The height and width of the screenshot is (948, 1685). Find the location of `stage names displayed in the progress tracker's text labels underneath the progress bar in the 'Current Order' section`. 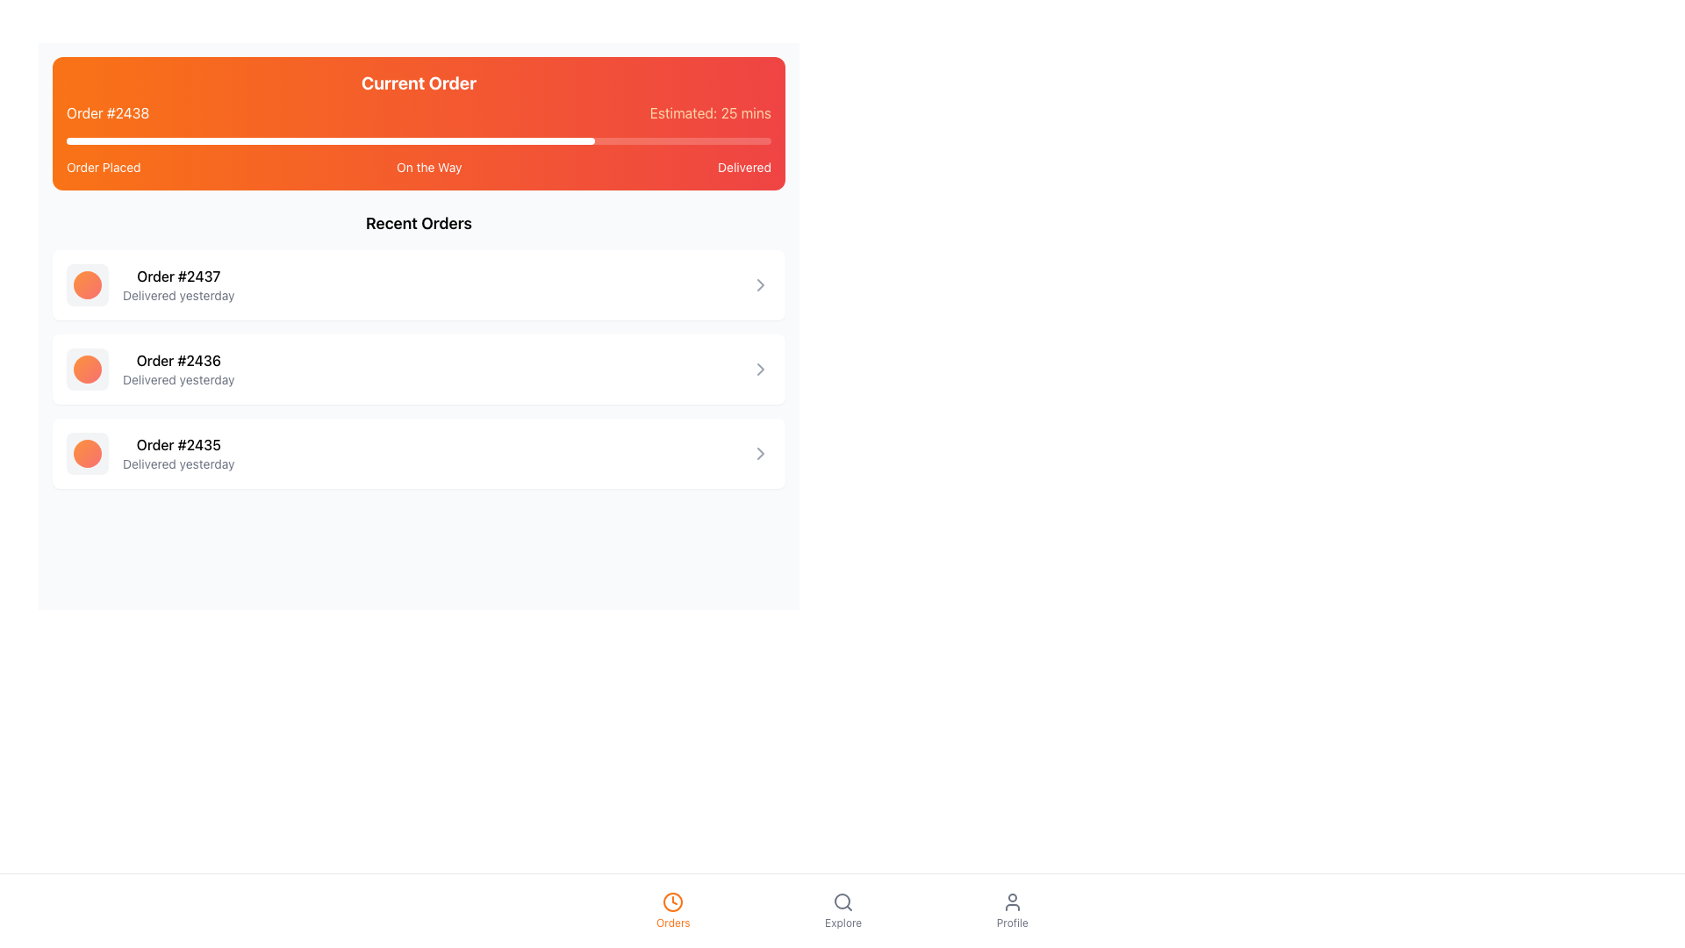

stage names displayed in the progress tracker's text labels underneath the progress bar in the 'Current Order' section is located at coordinates (418, 168).